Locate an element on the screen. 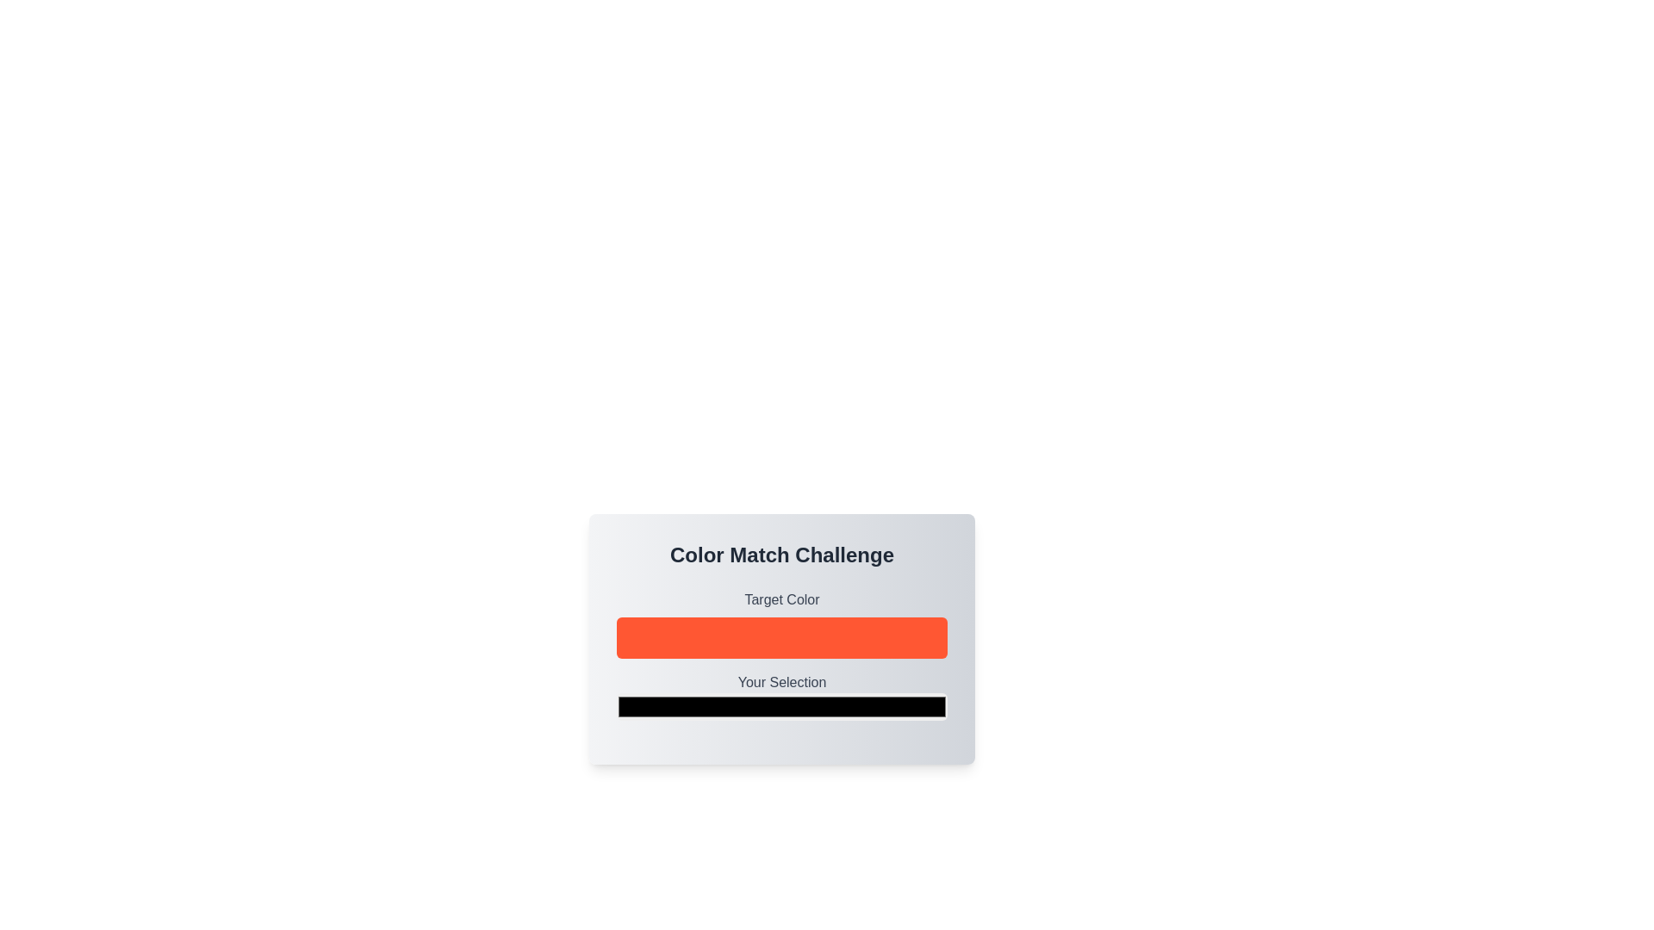 The width and height of the screenshot is (1654, 930). the text label displaying 'Your Selection', which is a medium gray text centered above the color-selection box is located at coordinates (780, 682).